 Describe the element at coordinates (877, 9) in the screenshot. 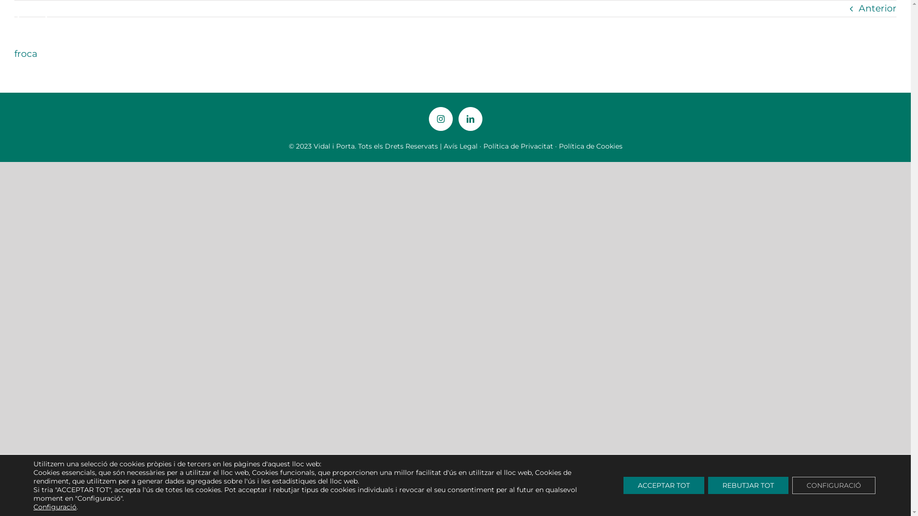

I see `'Anterior'` at that location.